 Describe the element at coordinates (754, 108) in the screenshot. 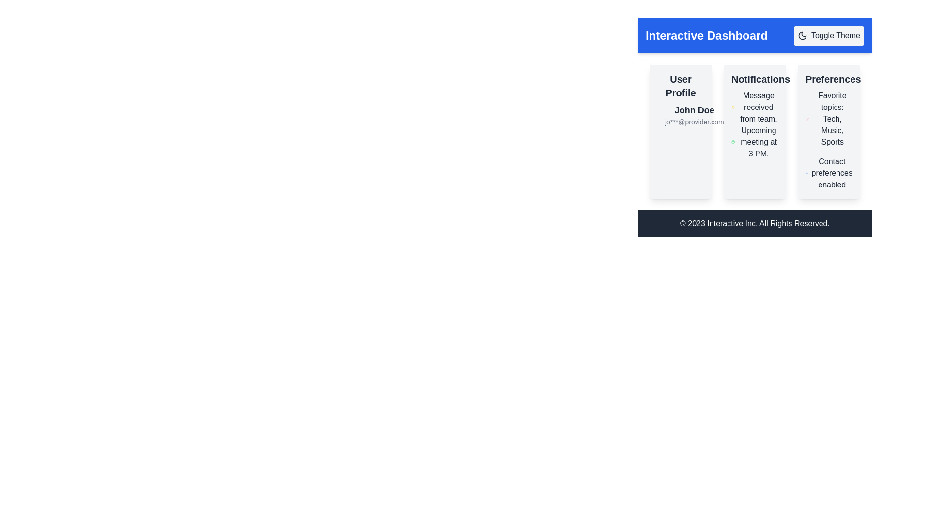

I see `the text block displaying 'Message received from team.' with the yellow bell icon on the left, located in the Notifications section` at that location.